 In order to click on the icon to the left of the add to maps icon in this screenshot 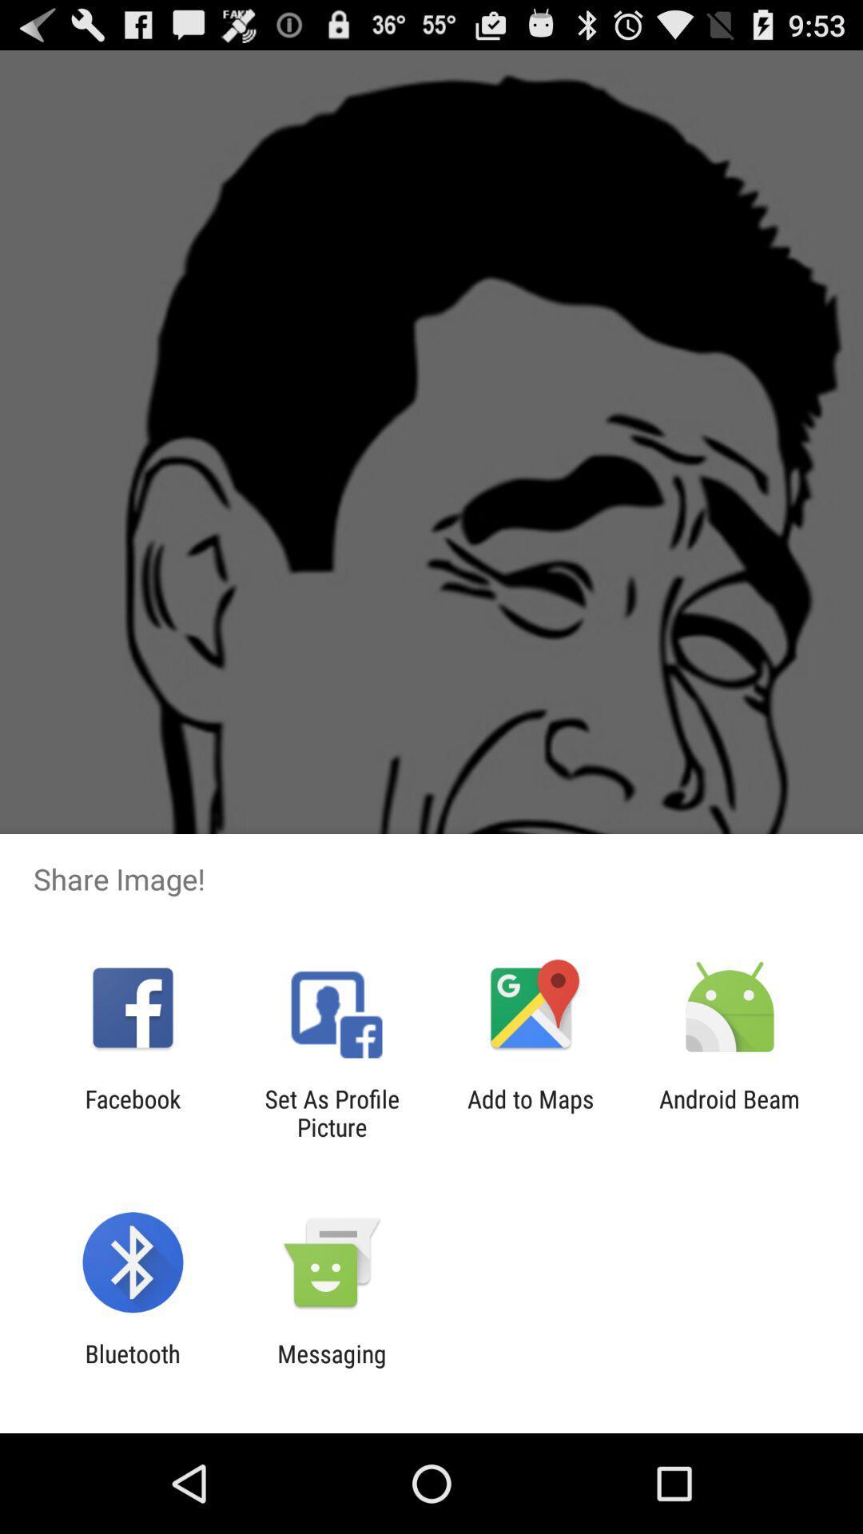, I will do `click(331, 1112)`.